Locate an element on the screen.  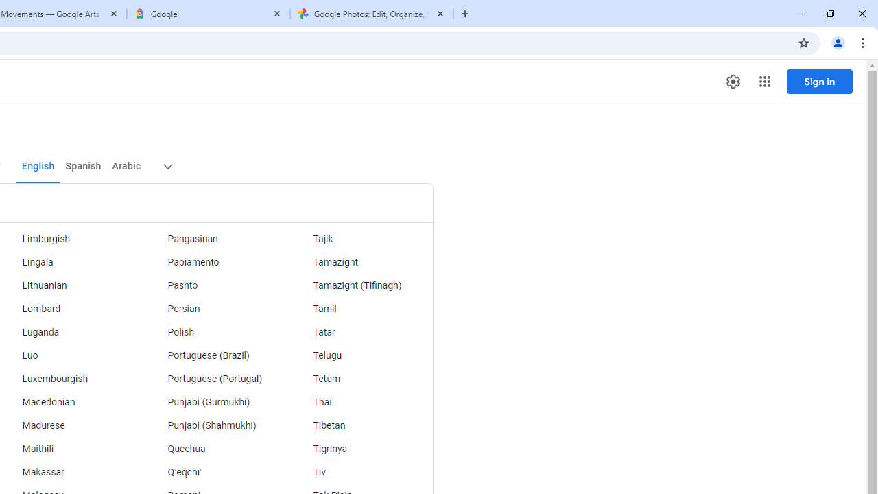
'More target languages' is located at coordinates (167, 166).